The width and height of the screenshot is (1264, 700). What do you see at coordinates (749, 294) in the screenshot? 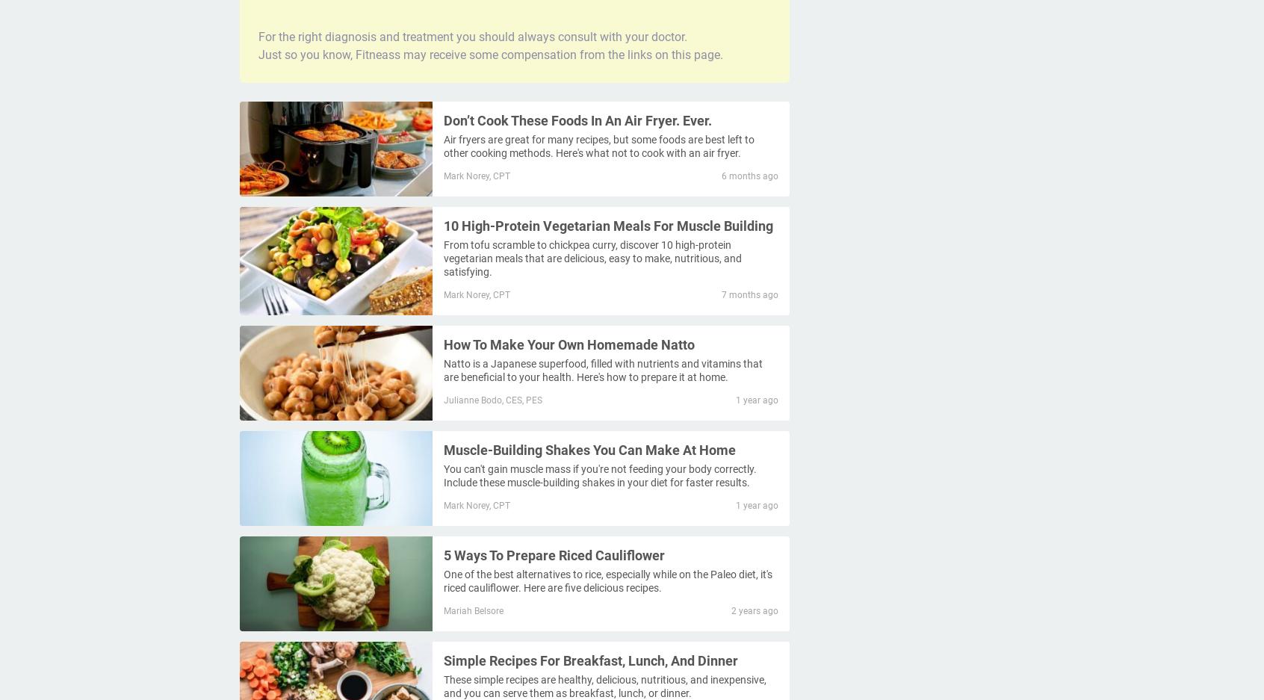
I see `'7 months ago'` at bounding box center [749, 294].